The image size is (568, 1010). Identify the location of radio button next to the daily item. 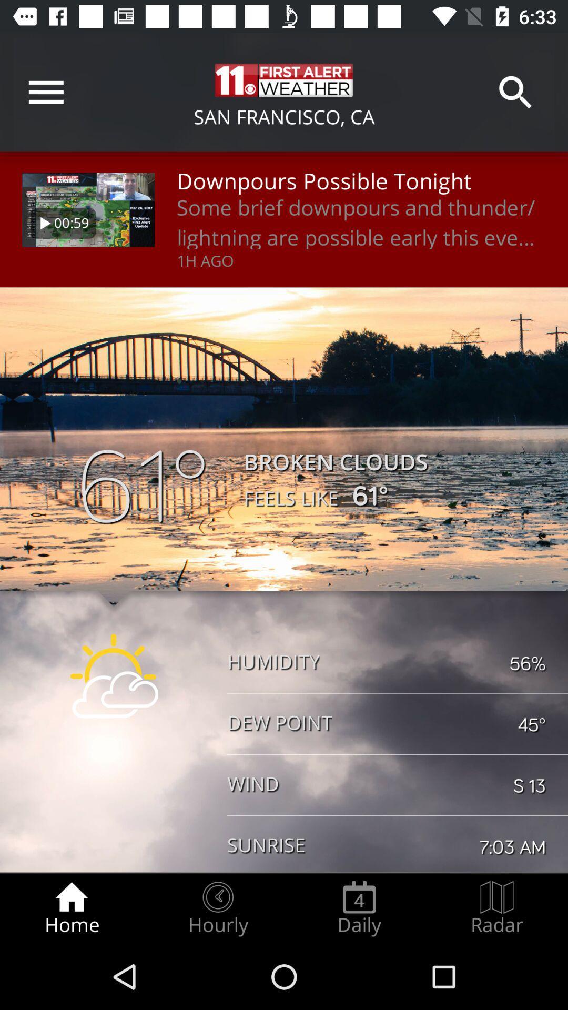
(217, 908).